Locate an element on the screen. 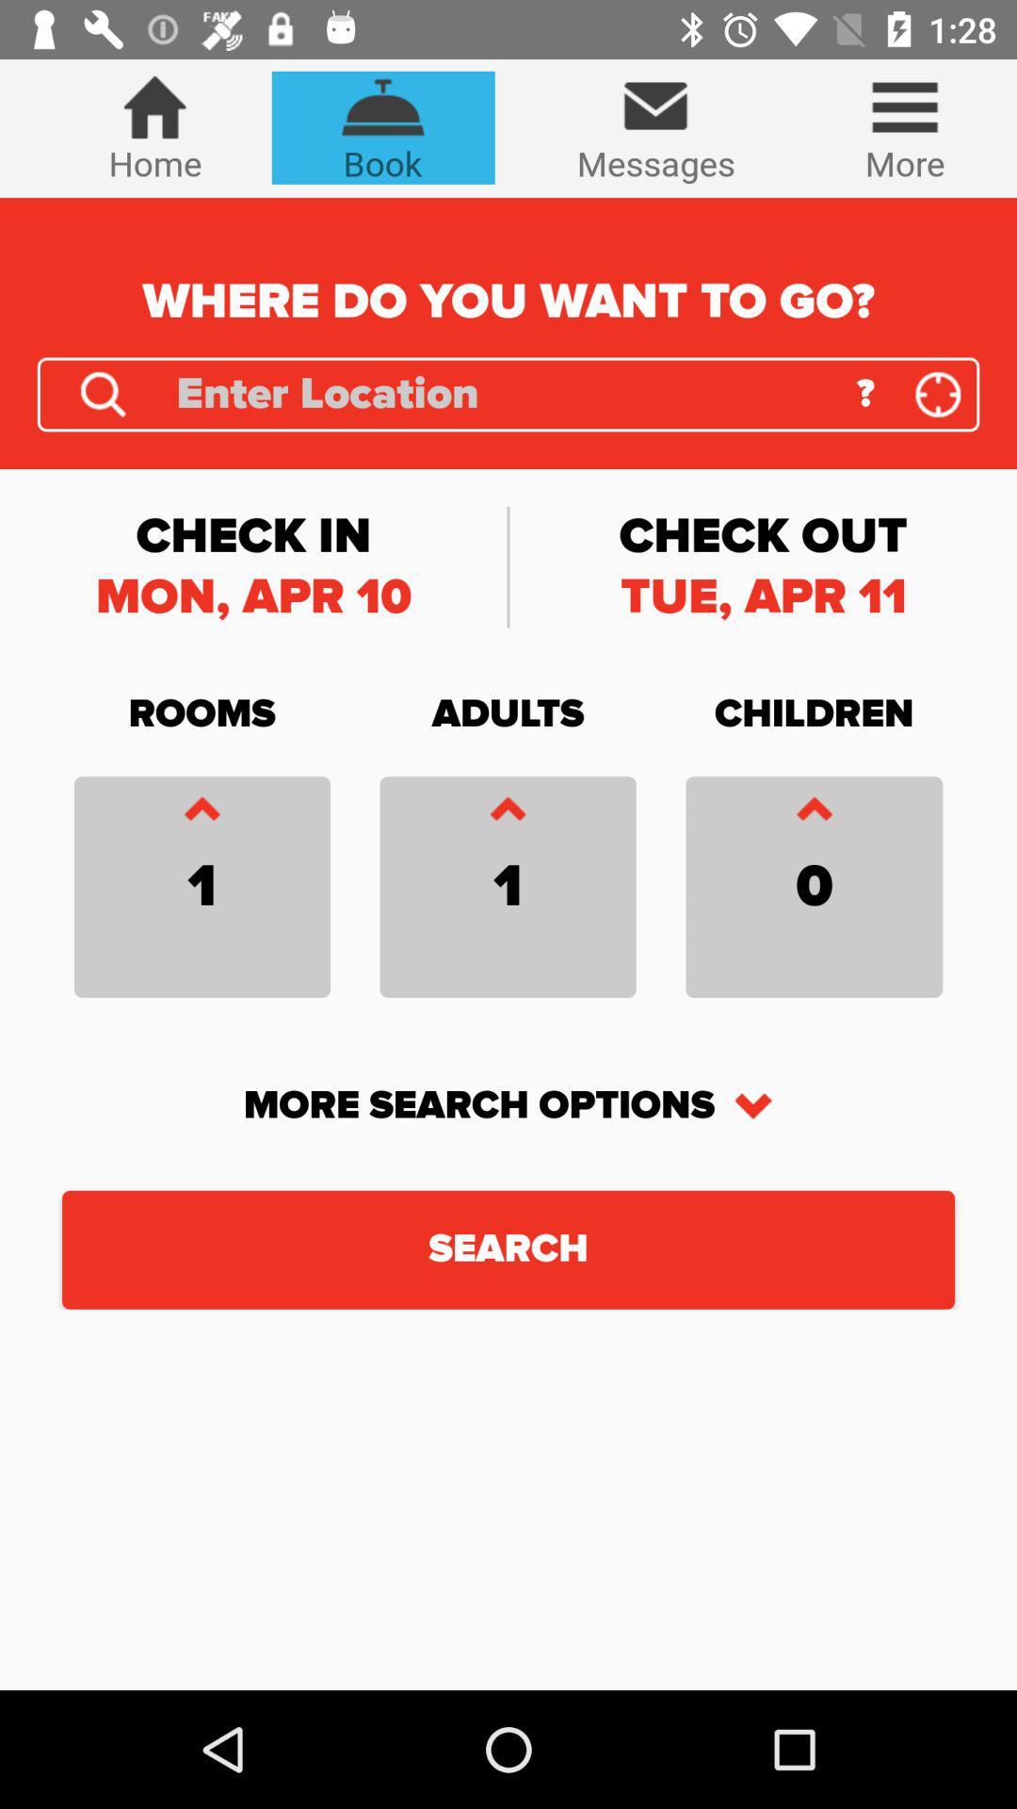  item above the where do you is located at coordinates (654, 127).